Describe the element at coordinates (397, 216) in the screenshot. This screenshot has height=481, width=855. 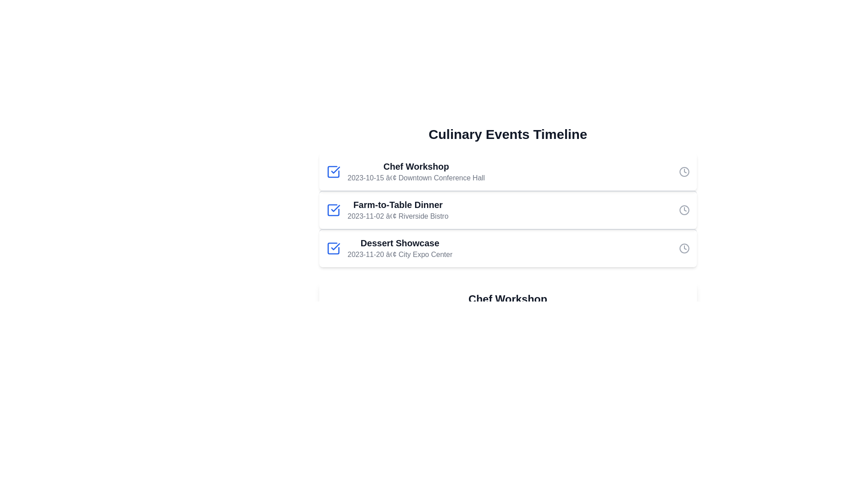
I see `the static text displaying the date '2023-11-02' and 'â€¢ Riverside Bistro', which is centrally positioned below 'Farm-to-Table Dinner' in the list of events` at that location.